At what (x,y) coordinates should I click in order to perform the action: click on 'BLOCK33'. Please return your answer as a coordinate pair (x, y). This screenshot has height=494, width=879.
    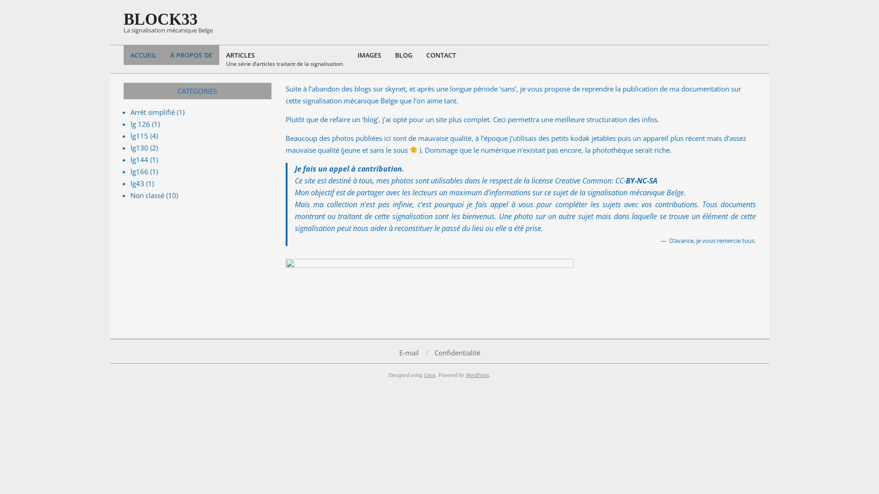
    Looking at the image, I should click on (160, 19).